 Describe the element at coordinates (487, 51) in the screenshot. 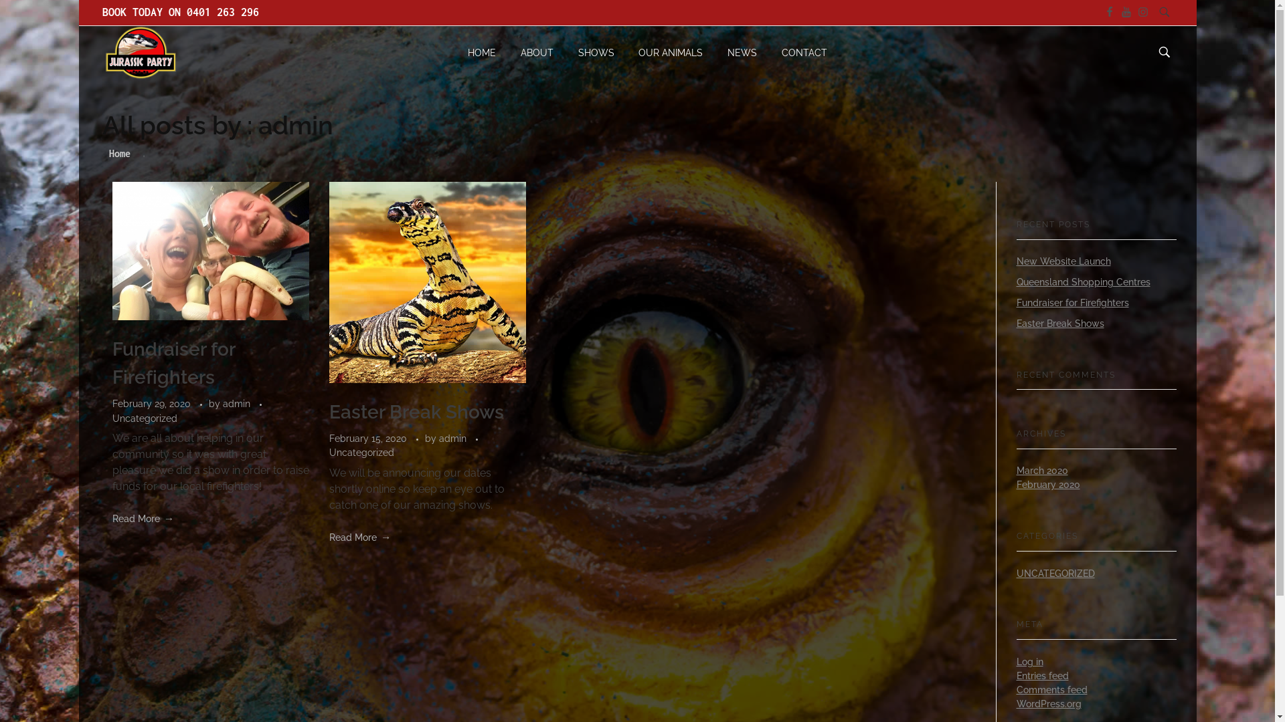

I see `'HOME'` at that location.